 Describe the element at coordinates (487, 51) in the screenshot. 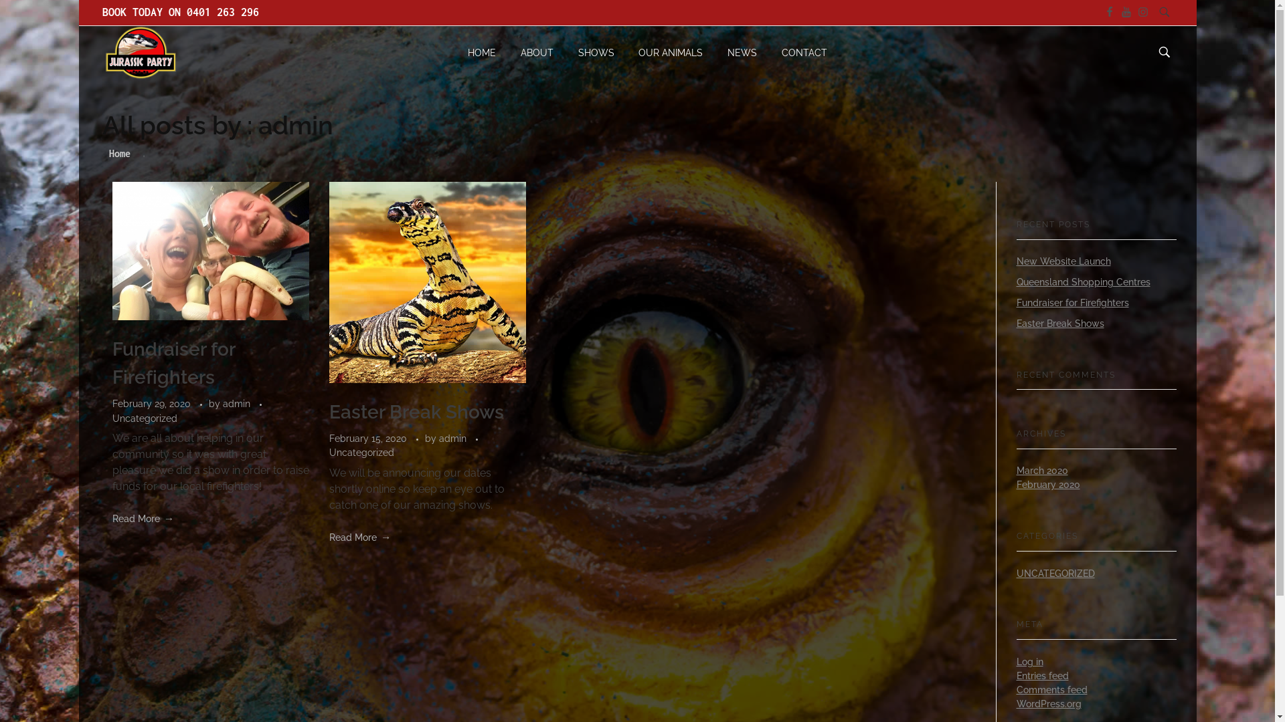

I see `'HOME'` at that location.